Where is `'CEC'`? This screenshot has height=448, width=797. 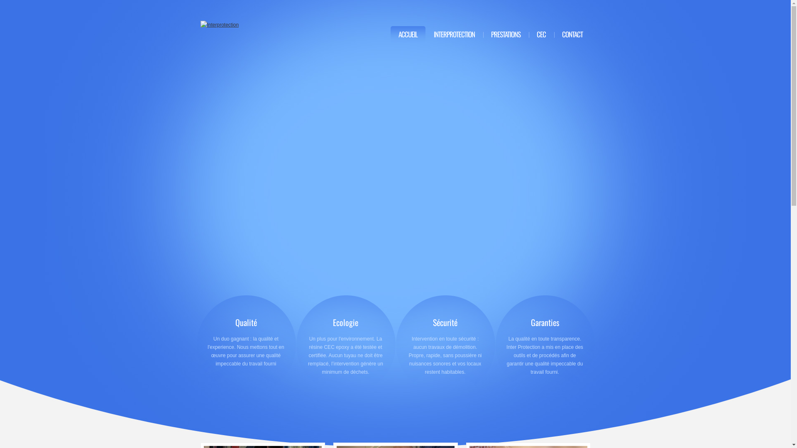 'CEC' is located at coordinates (541, 34).